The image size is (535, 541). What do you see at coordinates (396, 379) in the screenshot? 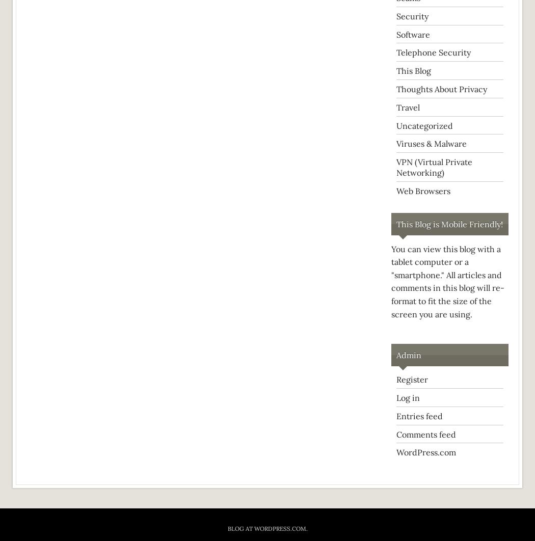
I see `'Register'` at bounding box center [396, 379].